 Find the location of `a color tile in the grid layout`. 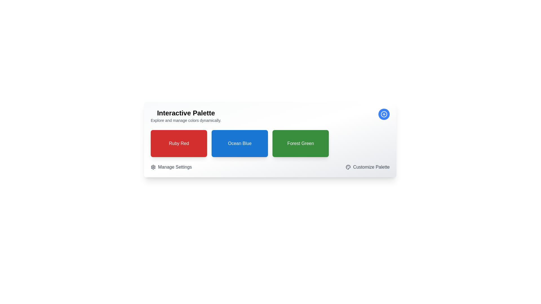

a color tile in the grid layout is located at coordinates (270, 143).